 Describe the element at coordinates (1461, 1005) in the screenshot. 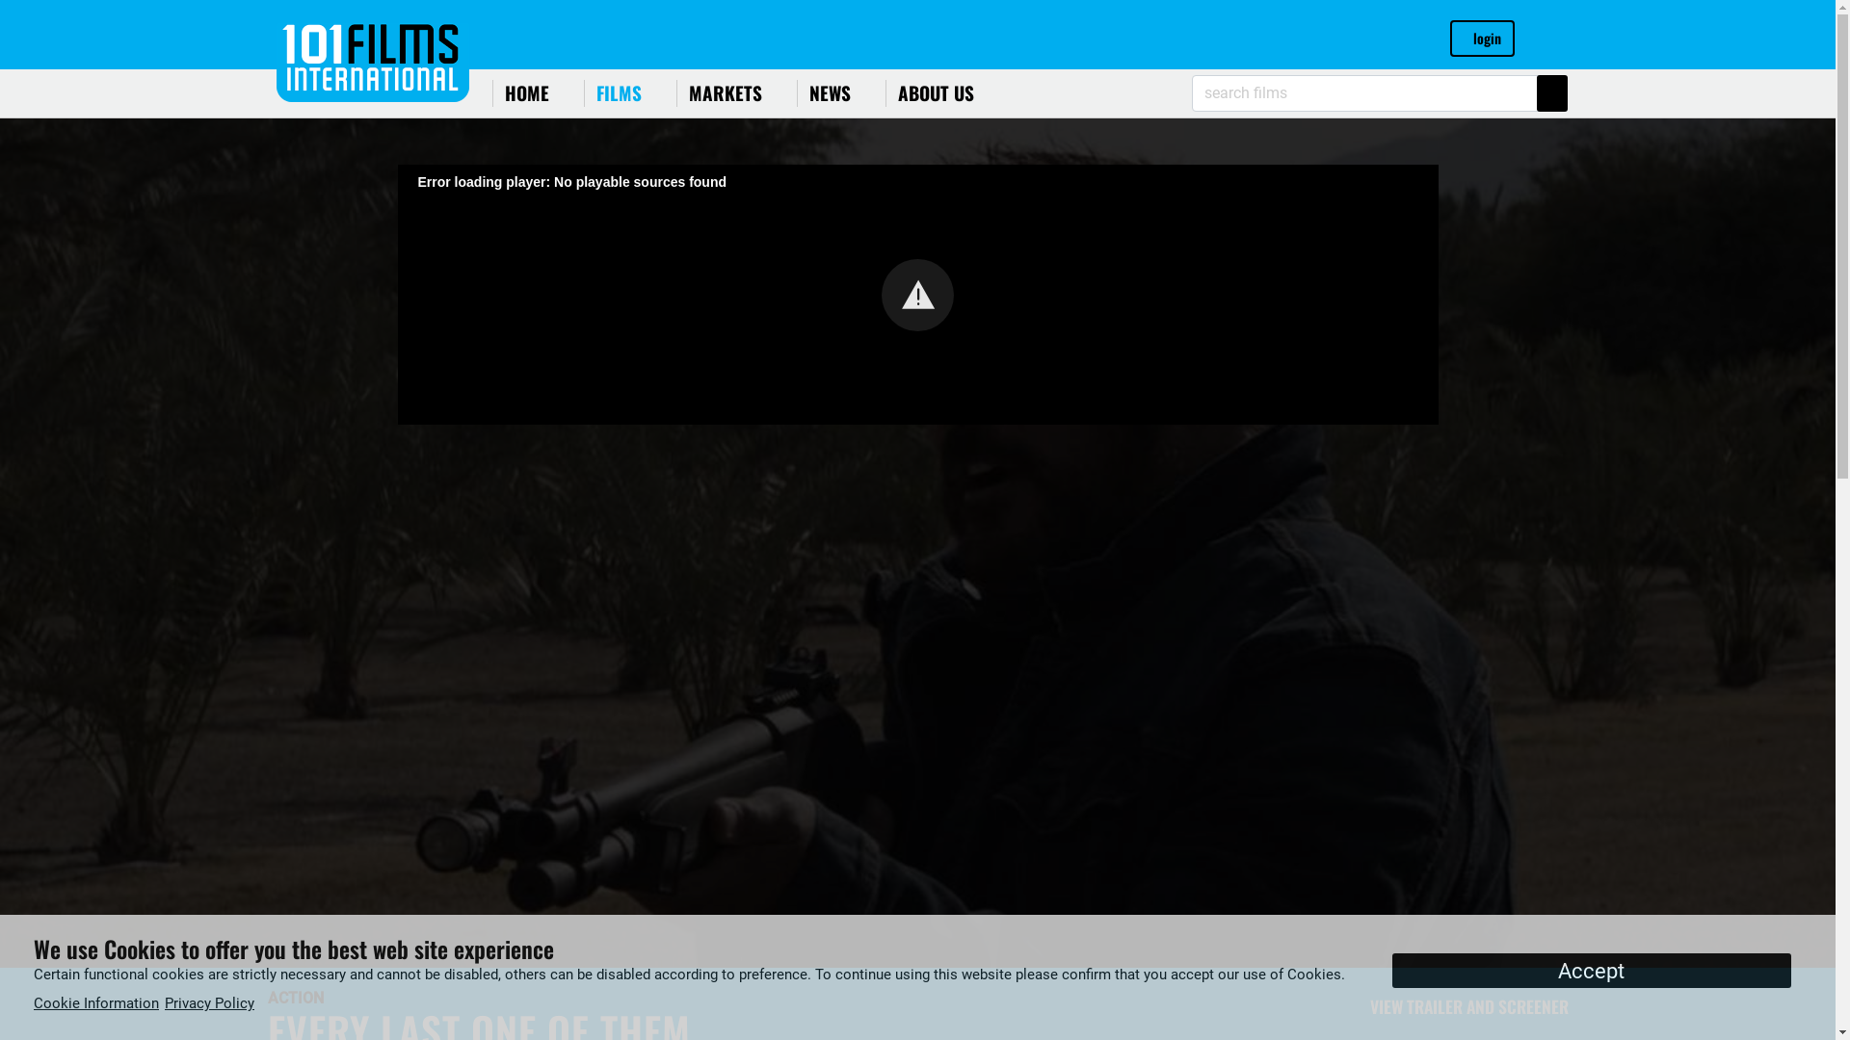

I see `'VIEW TRAILER AND SCREENER'` at that location.